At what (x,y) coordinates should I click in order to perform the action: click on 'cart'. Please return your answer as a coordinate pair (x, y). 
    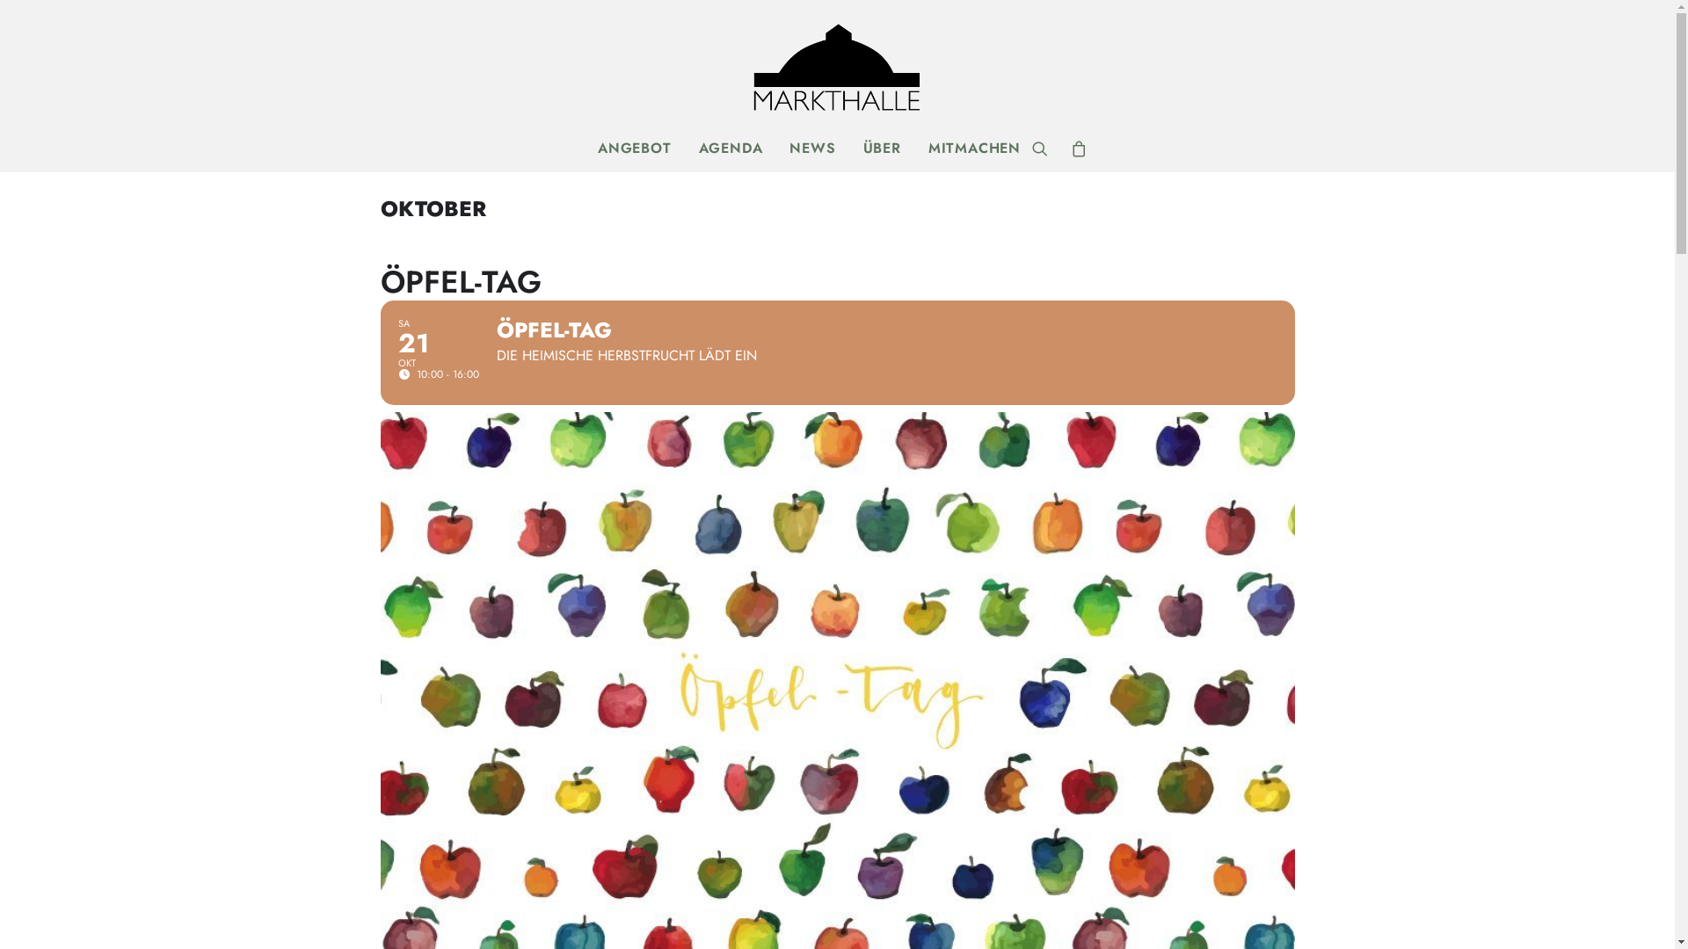
    Looking at the image, I should click on (1073, 148).